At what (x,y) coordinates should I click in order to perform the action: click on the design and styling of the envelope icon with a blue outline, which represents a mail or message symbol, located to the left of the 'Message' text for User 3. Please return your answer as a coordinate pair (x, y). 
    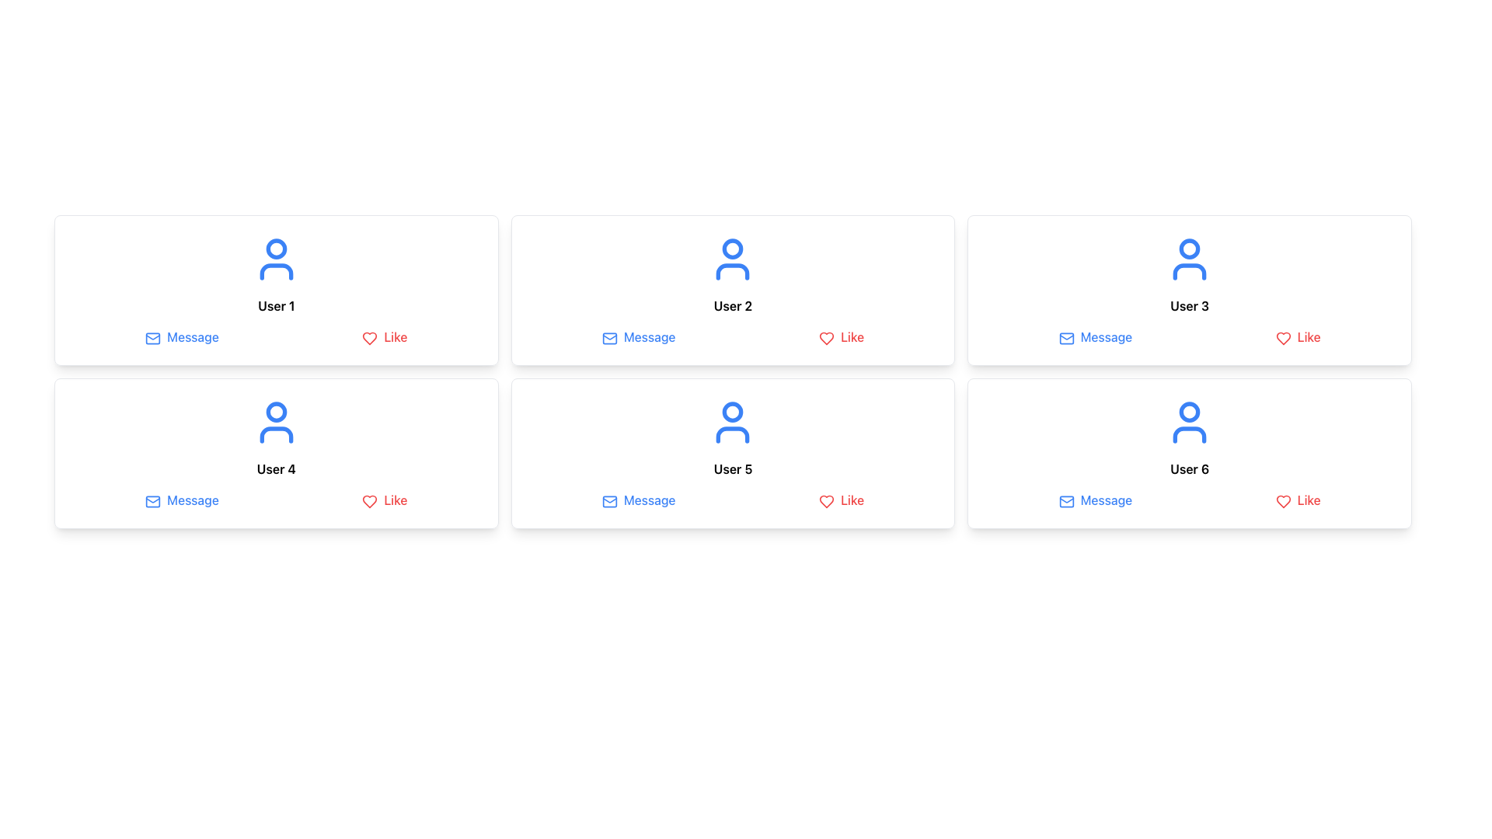
    Looking at the image, I should click on (1065, 337).